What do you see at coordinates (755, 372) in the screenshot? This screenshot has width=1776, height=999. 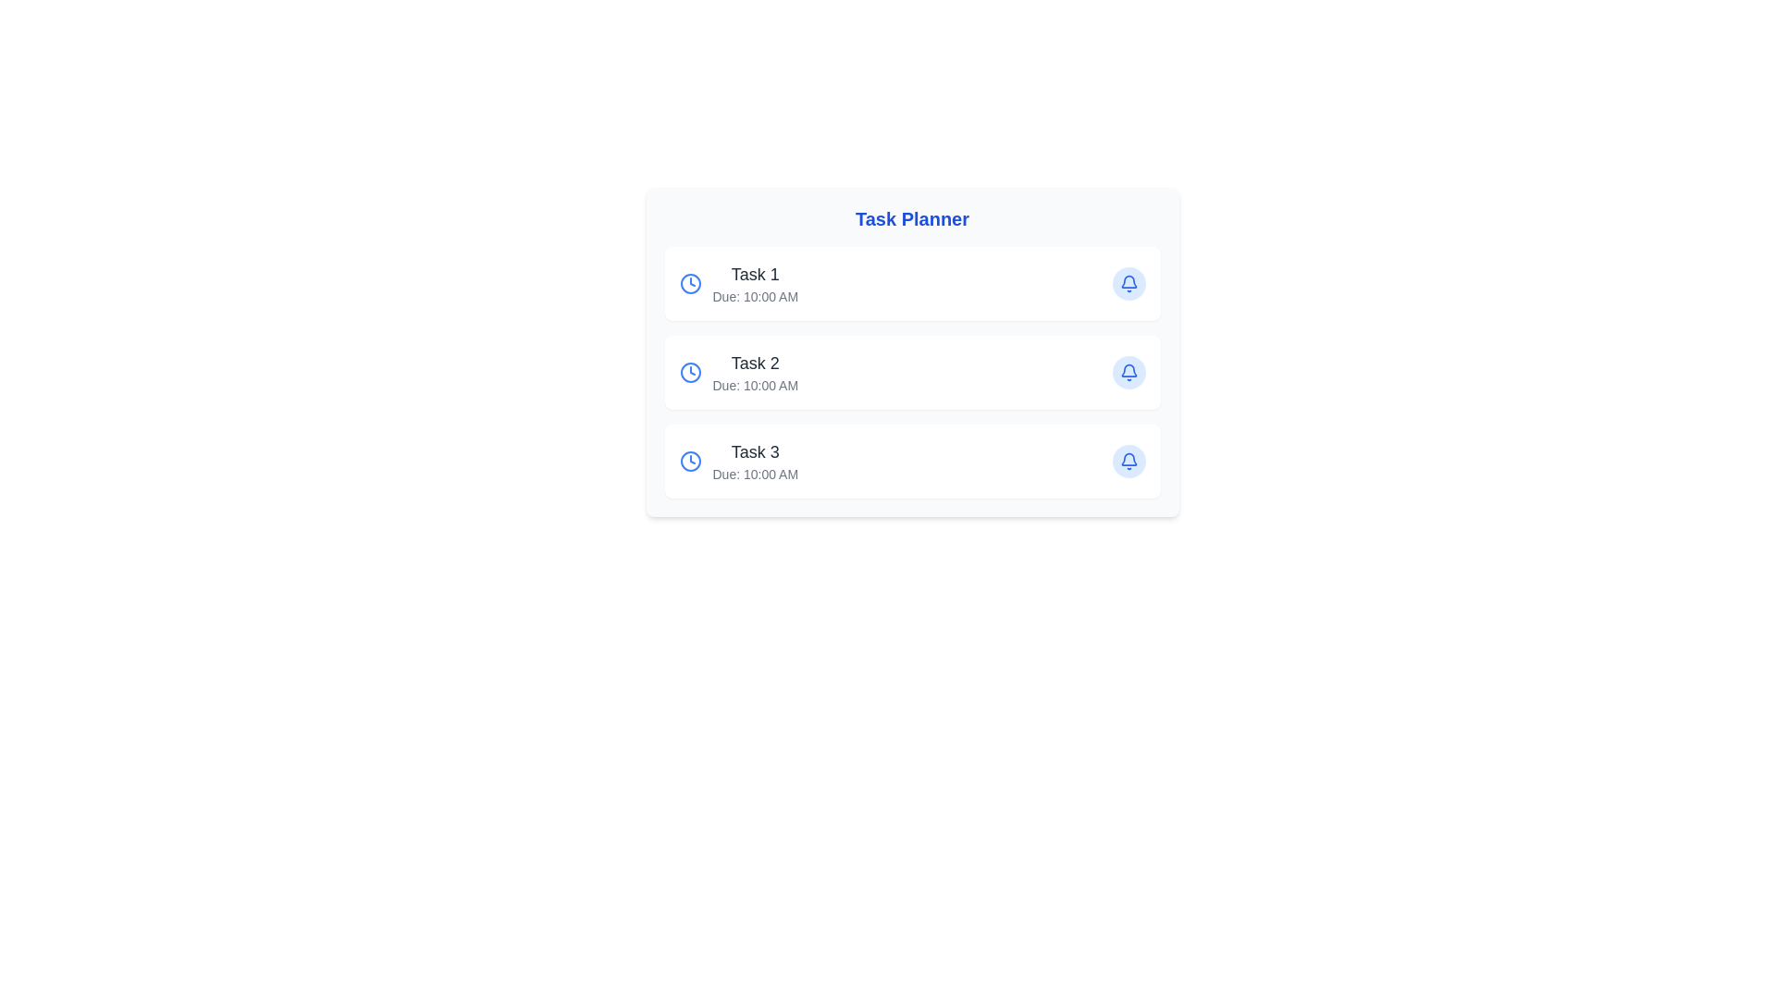 I see `task title and due time from the second task in the vertical task list, located between 'Task 1' and 'Task 3', with a clock icon on the left and a notification bell icon on the right` at bounding box center [755, 372].